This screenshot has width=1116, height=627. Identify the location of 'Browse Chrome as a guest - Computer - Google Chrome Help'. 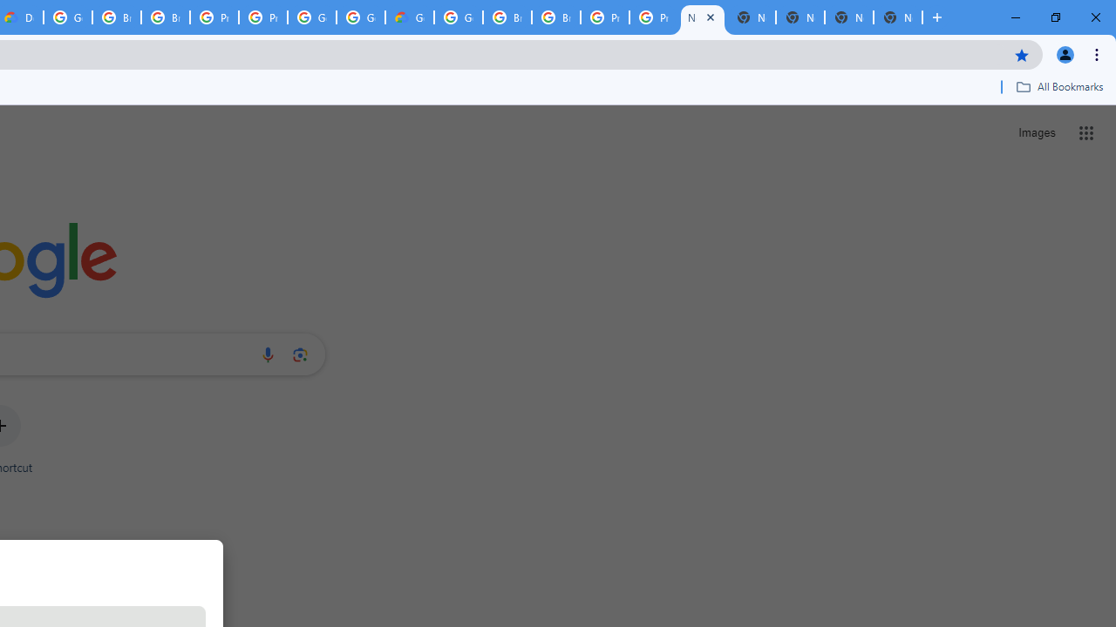
(507, 17).